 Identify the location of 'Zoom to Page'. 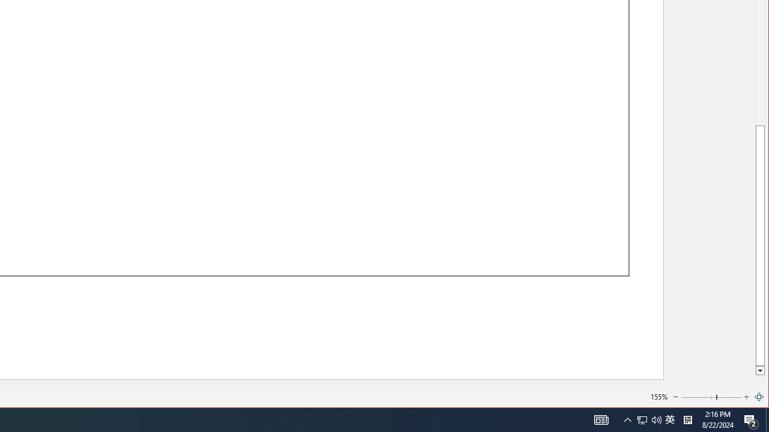
(759, 397).